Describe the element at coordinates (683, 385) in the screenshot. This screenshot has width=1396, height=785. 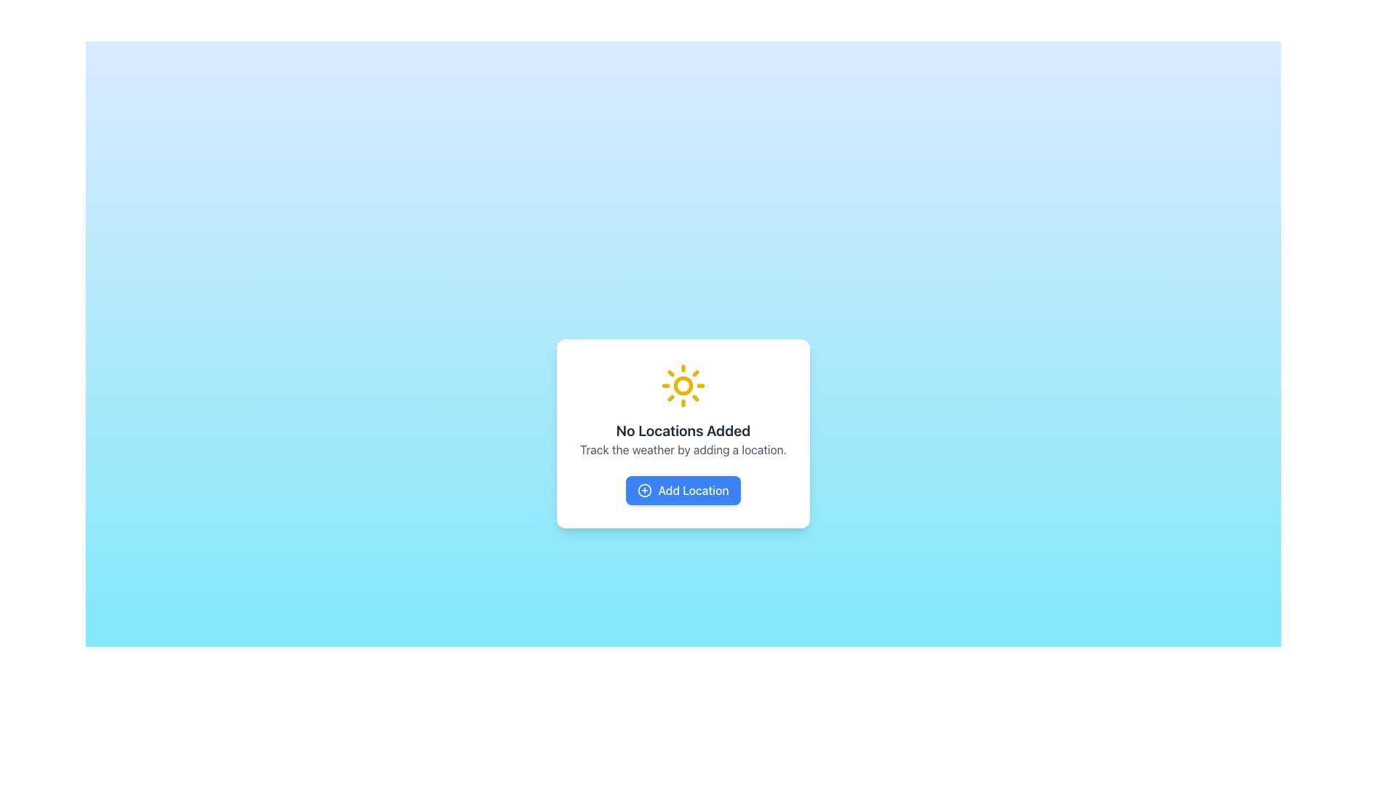
I see `the sun icon, which represents weather conditions, located at the top of the feature box above the text 'No Locations Added'` at that location.